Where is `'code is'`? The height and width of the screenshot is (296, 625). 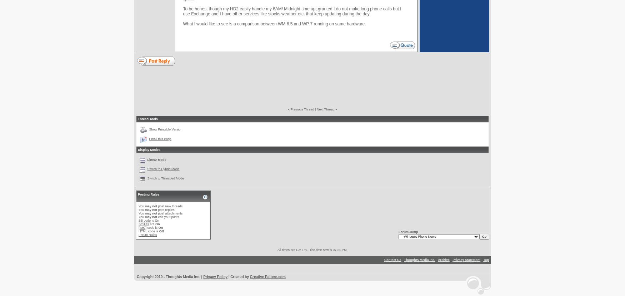 'code is' is located at coordinates (152, 227).